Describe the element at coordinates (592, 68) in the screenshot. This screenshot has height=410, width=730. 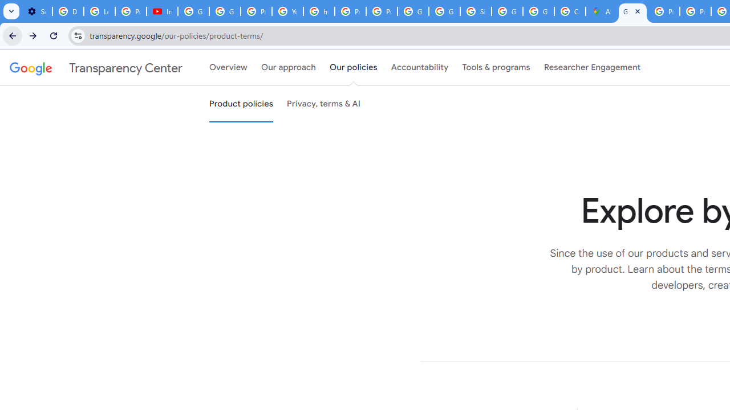
I see `'Researcher Engagement'` at that location.